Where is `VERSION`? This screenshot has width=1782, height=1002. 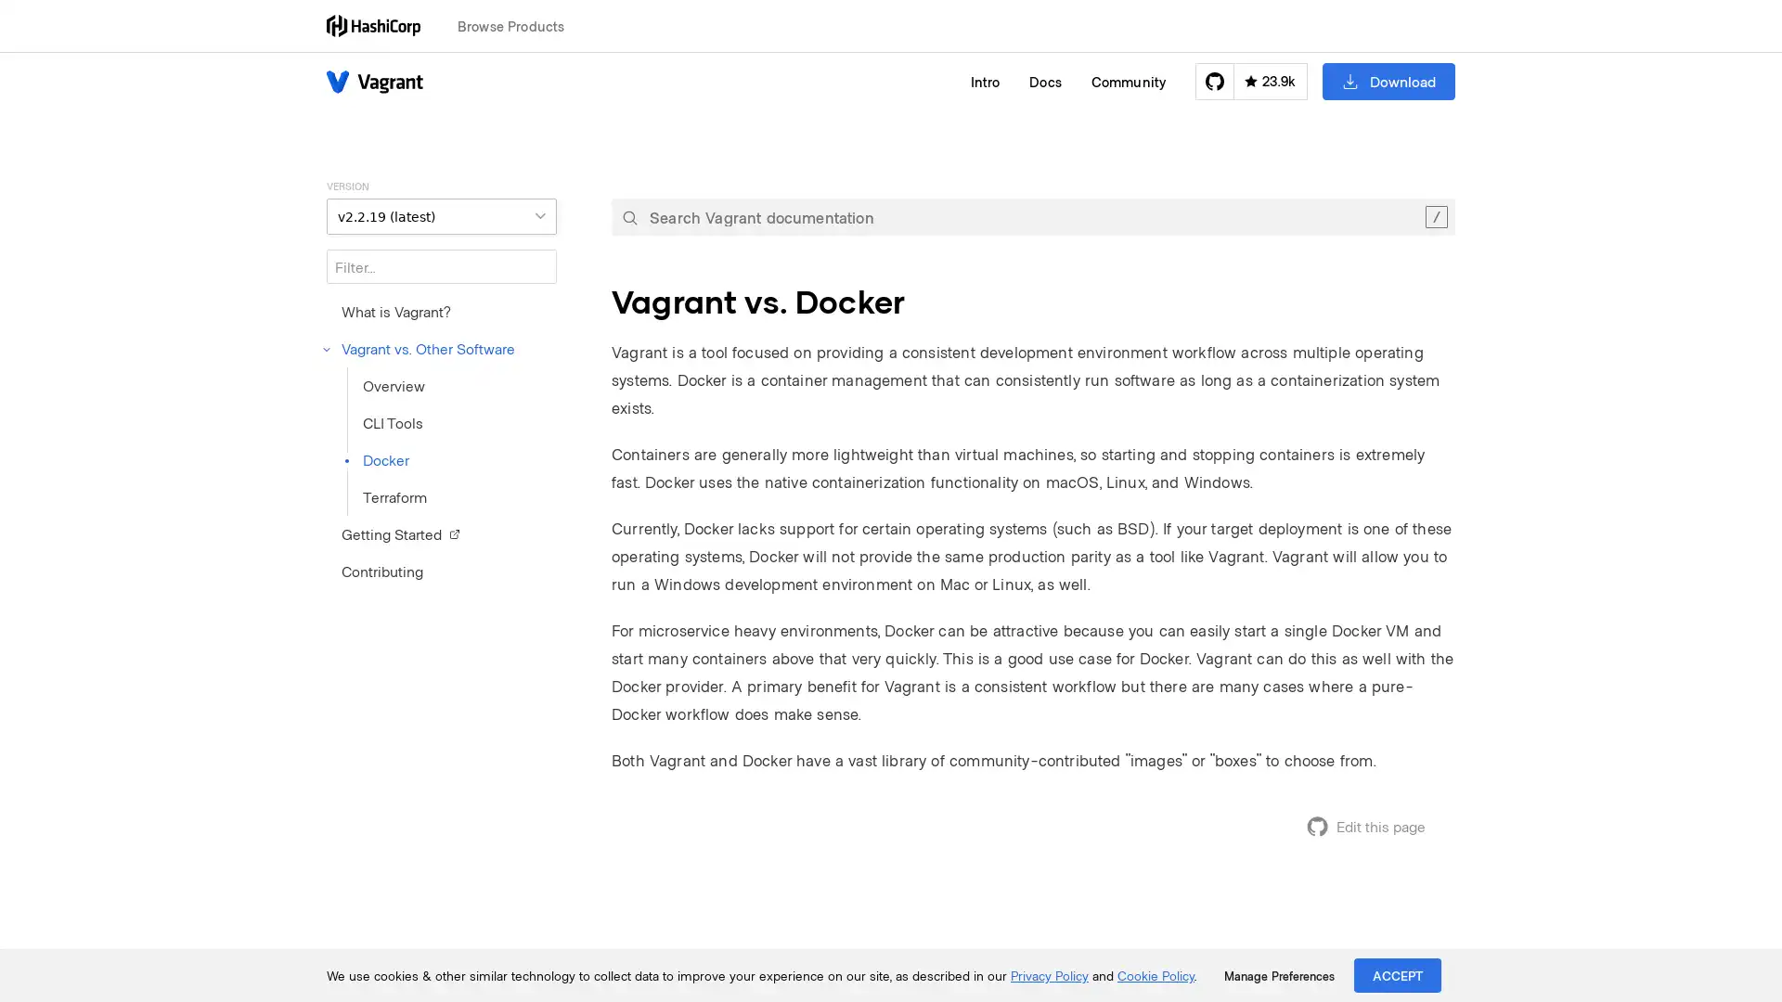 VERSION is located at coordinates (440, 215).